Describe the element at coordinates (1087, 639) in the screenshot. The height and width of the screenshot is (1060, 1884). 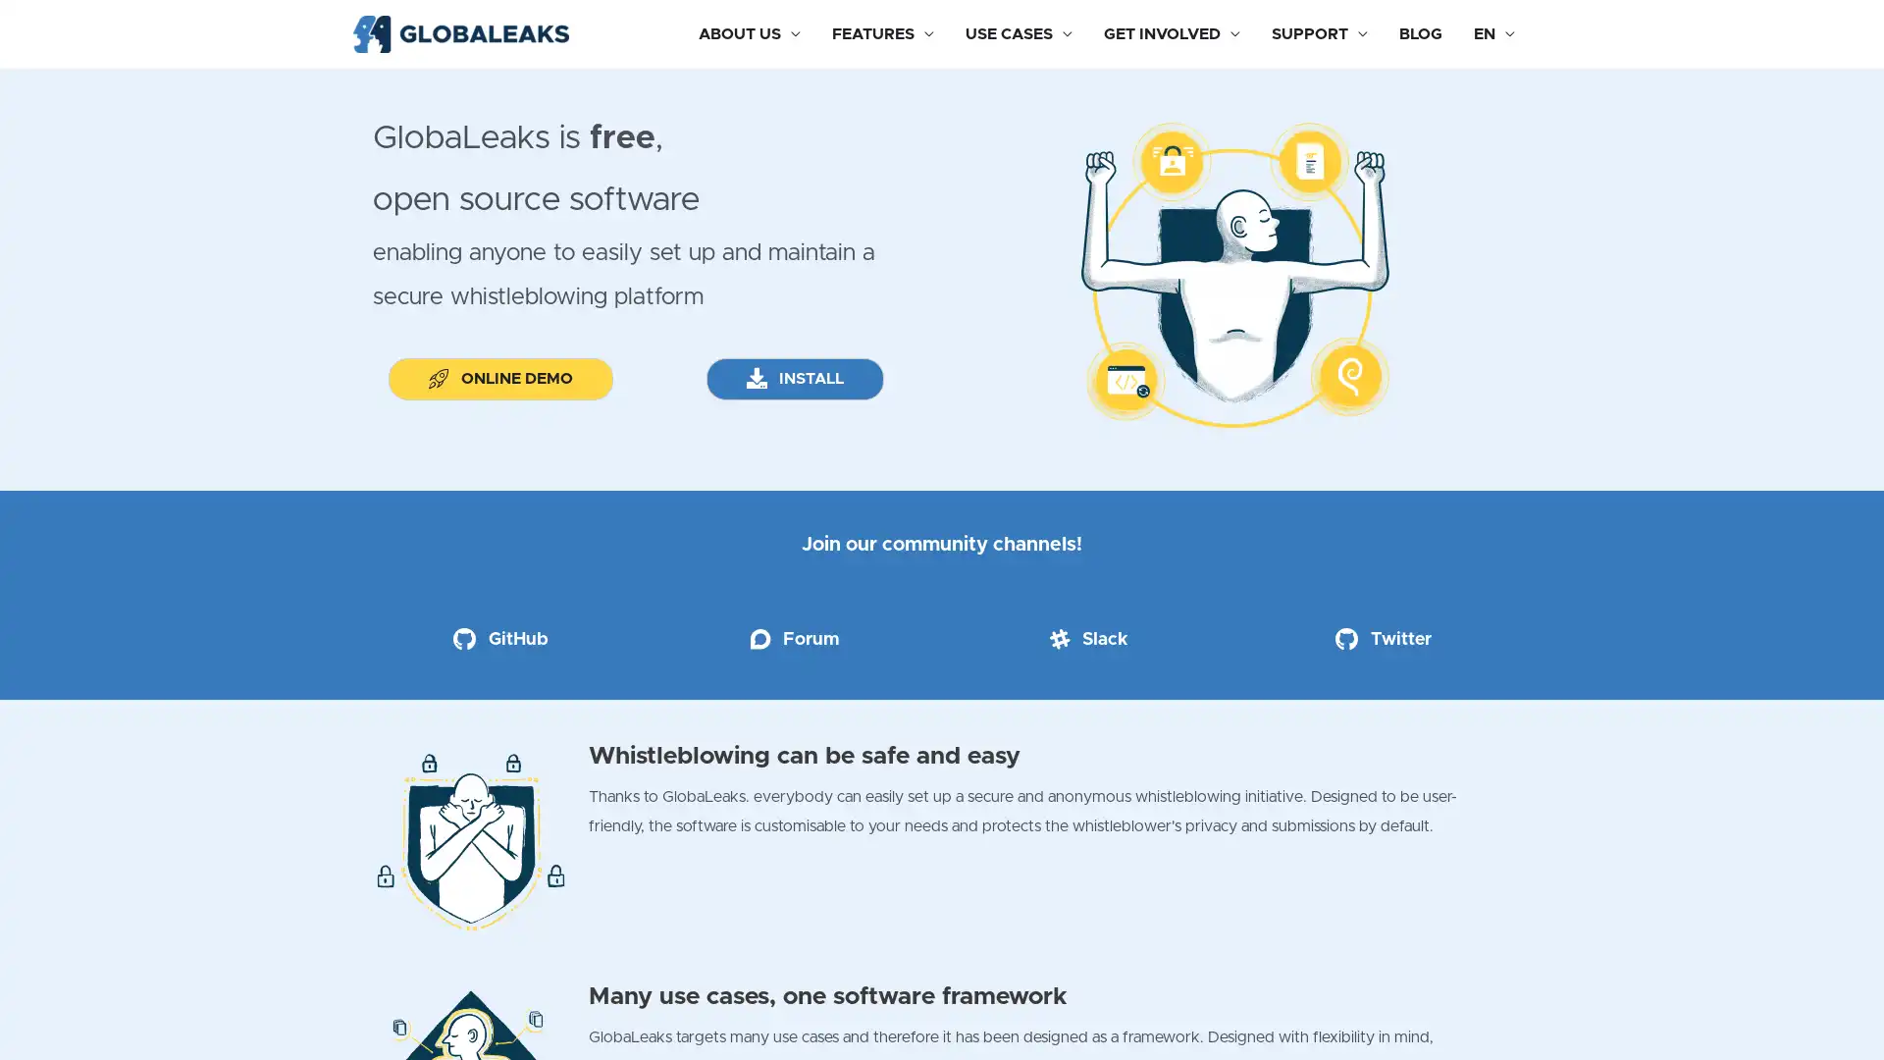
I see `Slack` at that location.